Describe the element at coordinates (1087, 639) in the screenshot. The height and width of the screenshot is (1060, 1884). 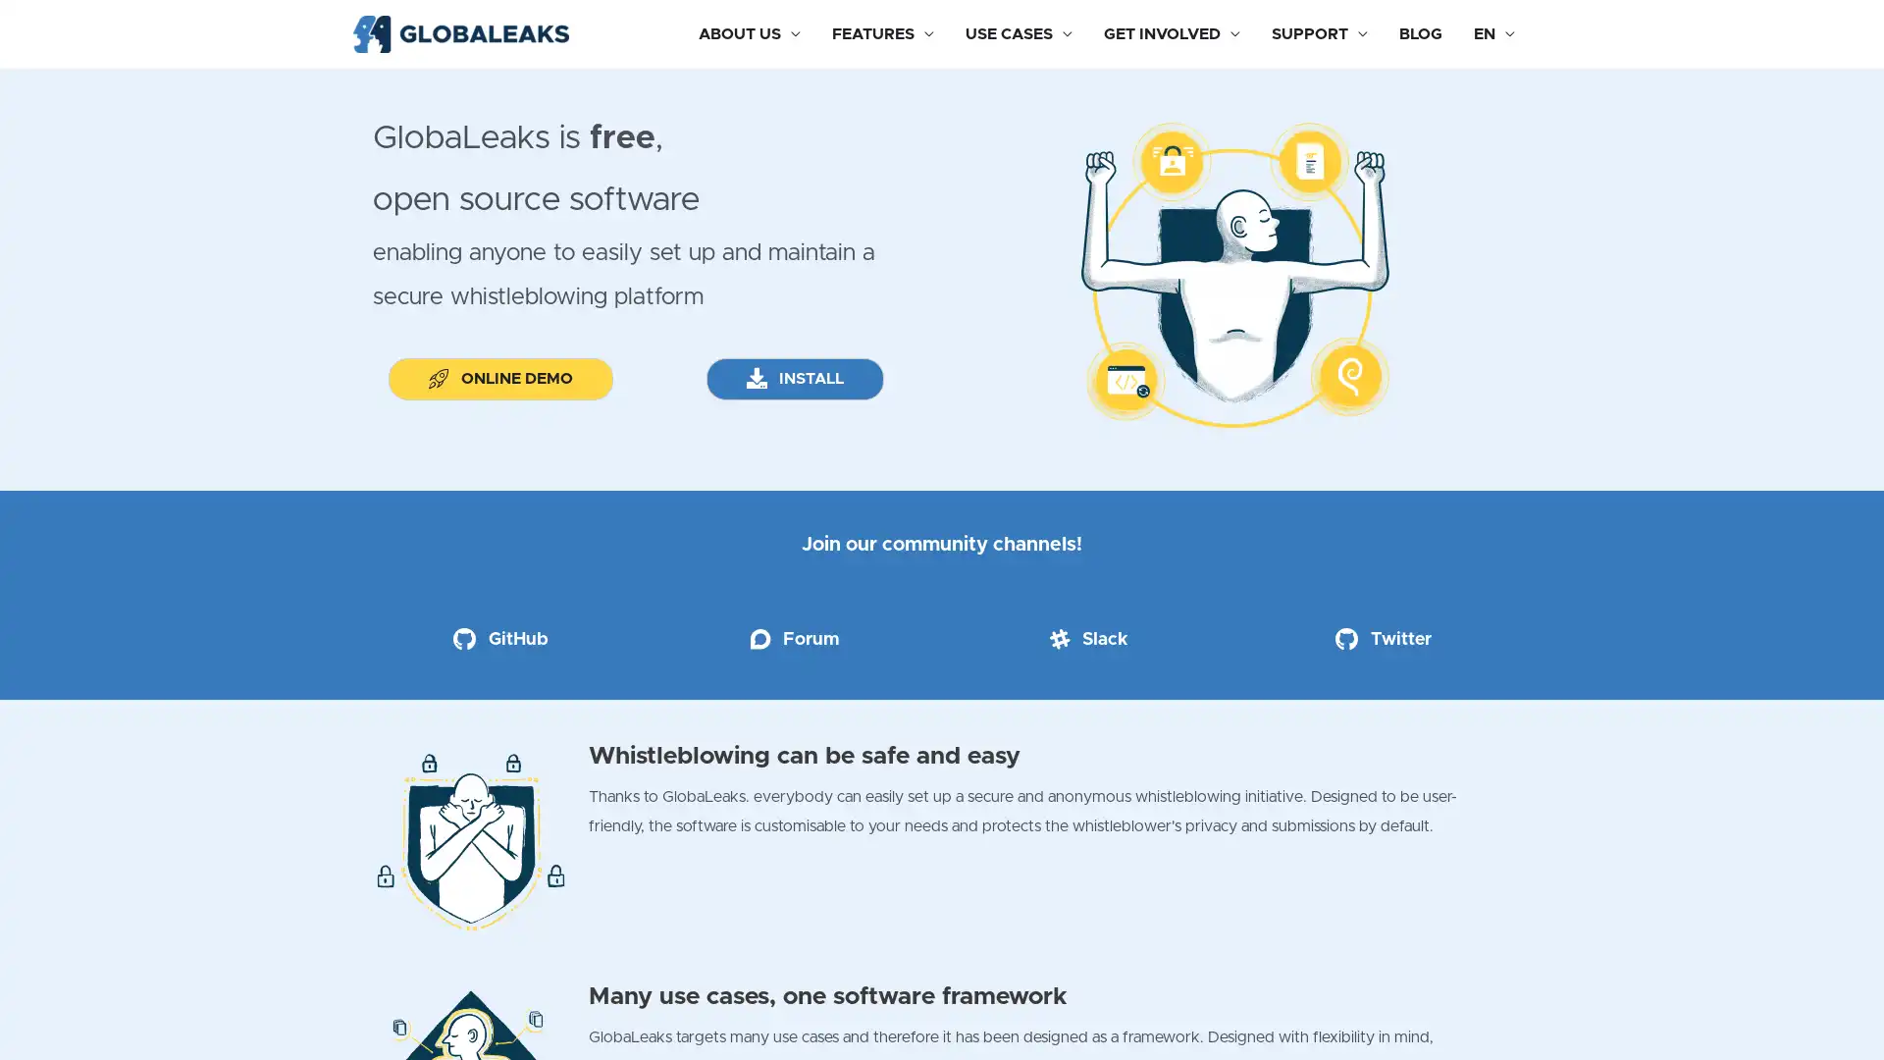
I see `Slack` at that location.